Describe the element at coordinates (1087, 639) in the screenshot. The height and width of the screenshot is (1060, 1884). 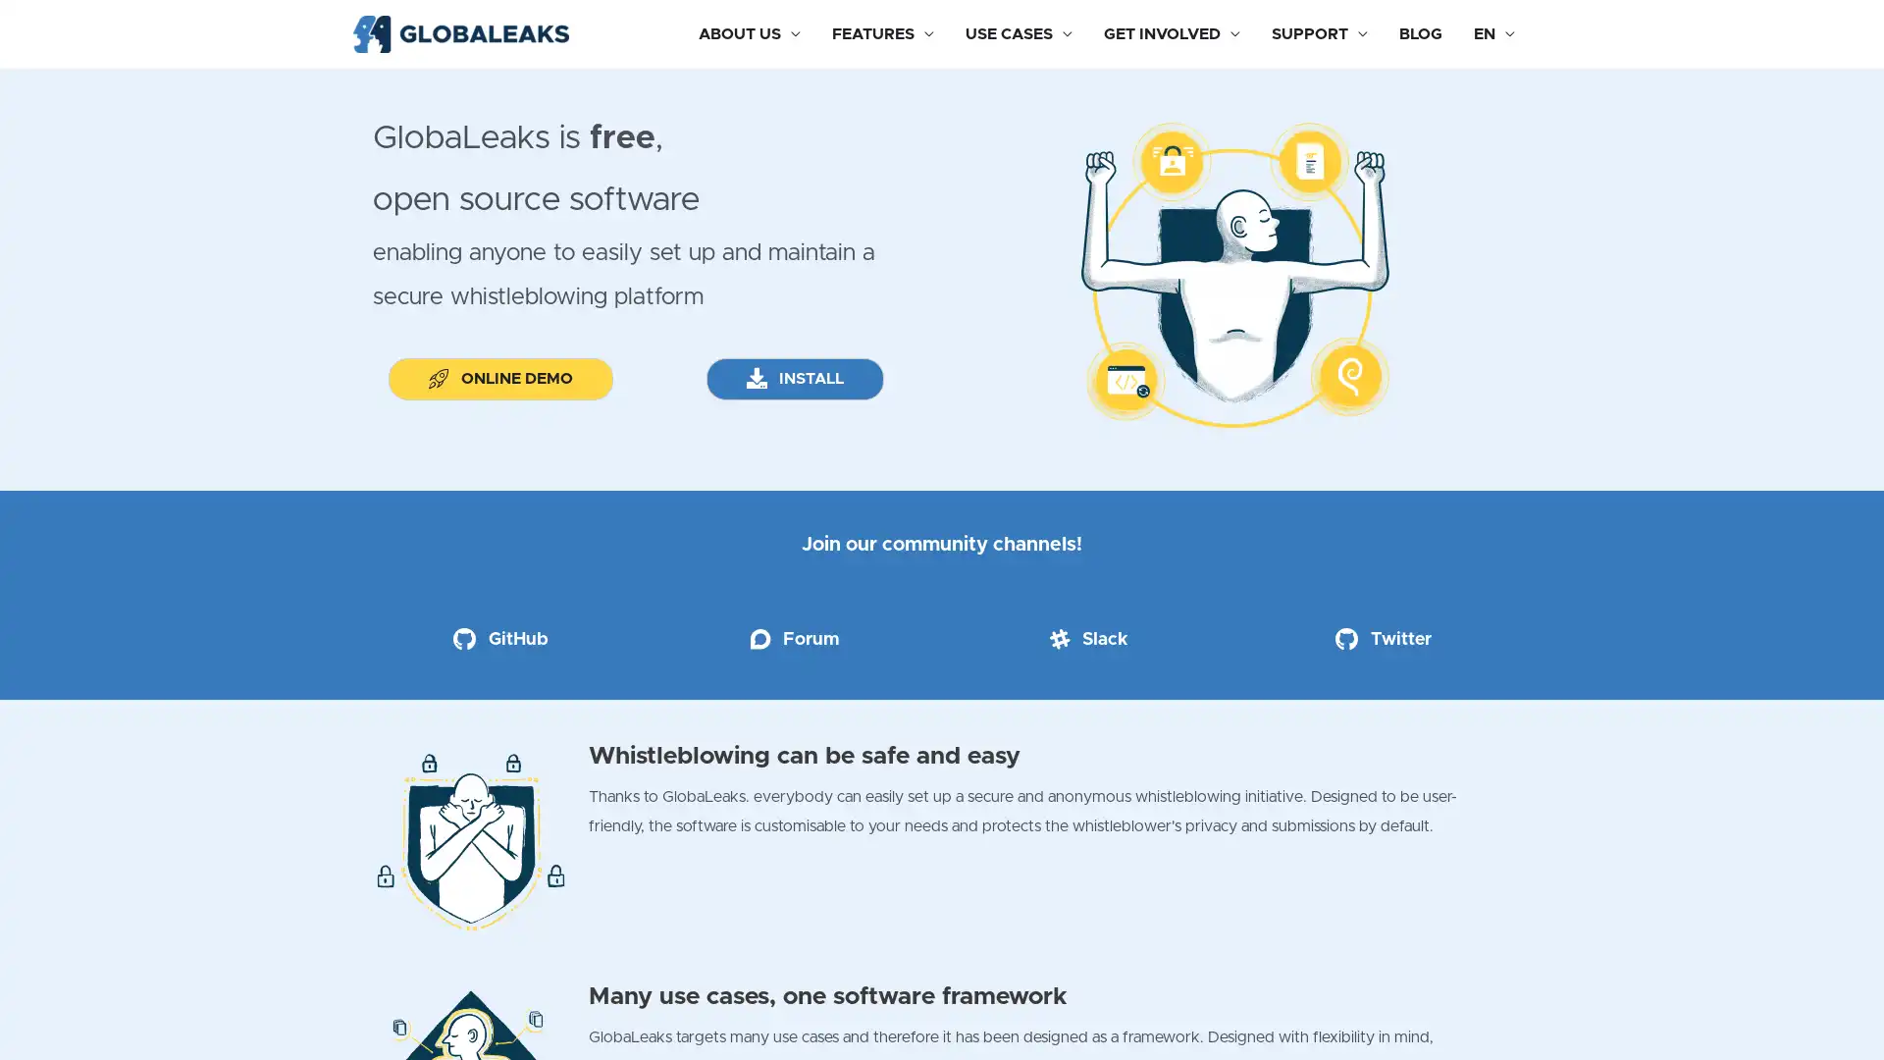
I see `Slack` at that location.